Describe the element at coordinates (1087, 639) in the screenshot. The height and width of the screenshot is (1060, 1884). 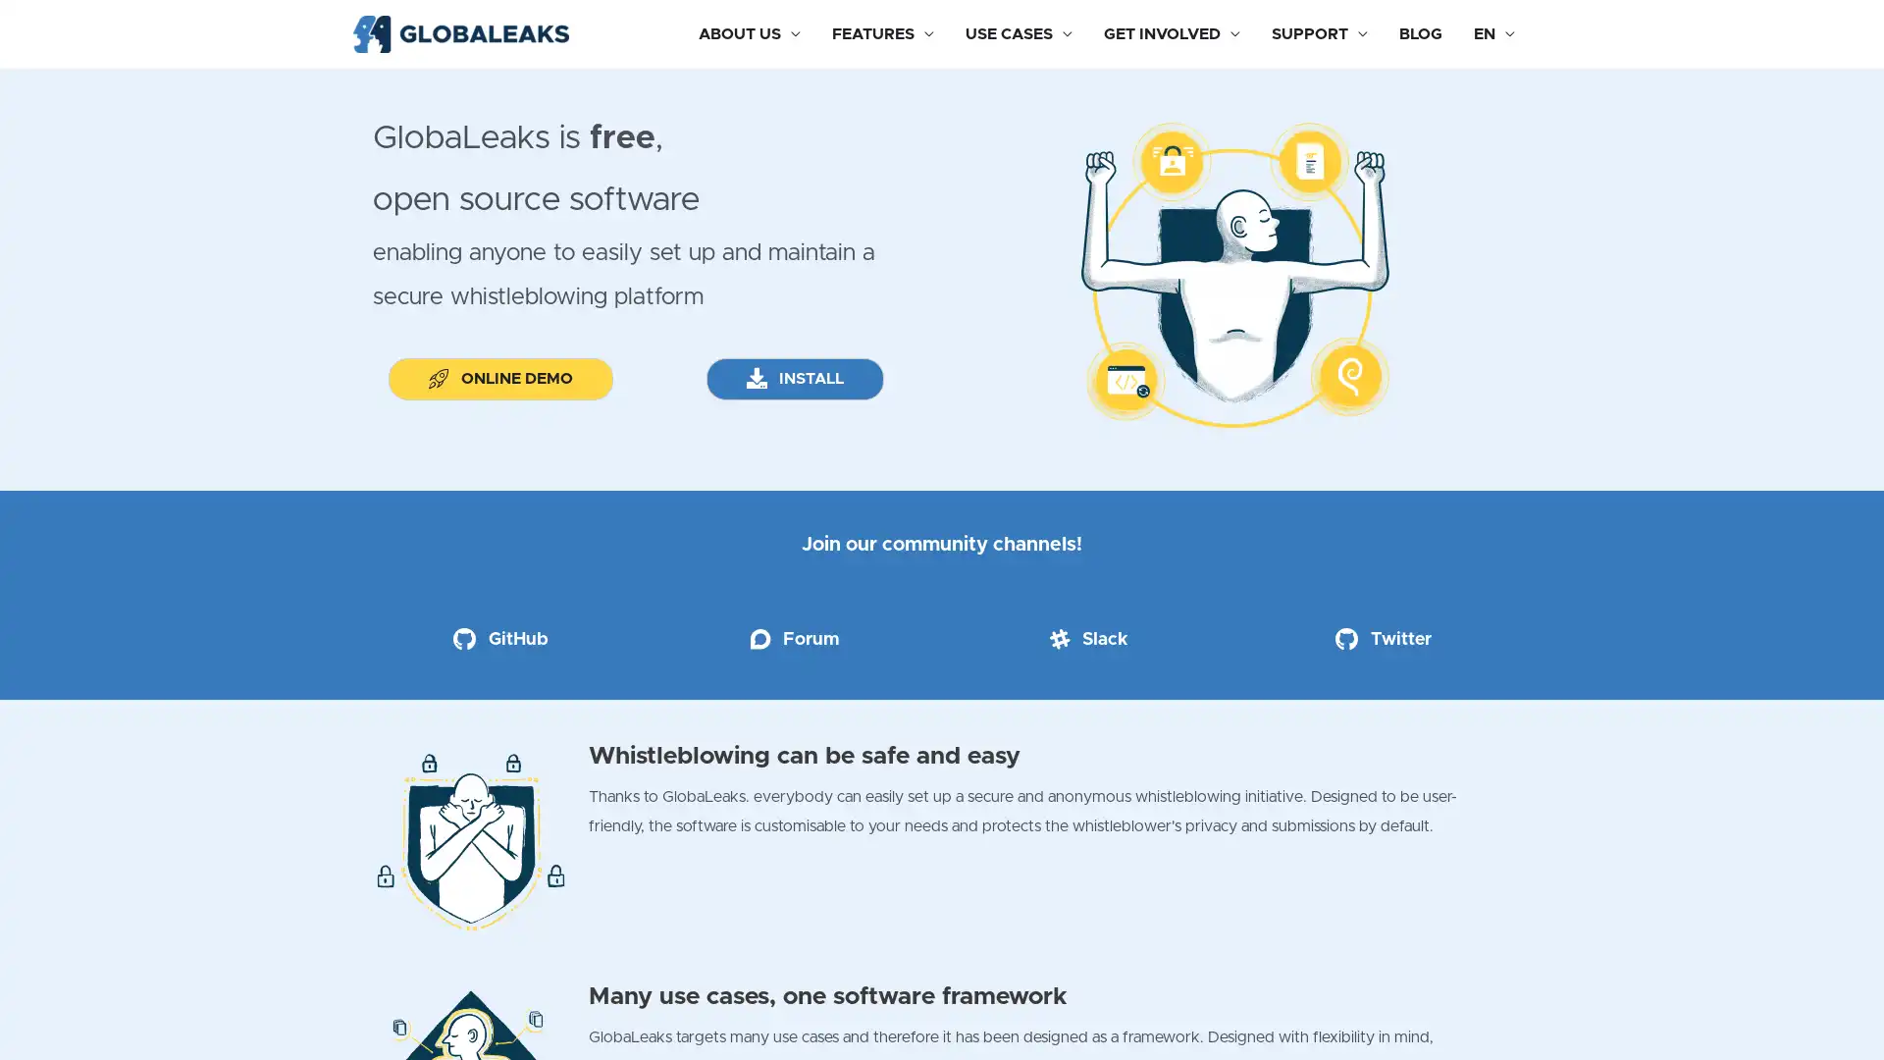
I see `Slack` at that location.